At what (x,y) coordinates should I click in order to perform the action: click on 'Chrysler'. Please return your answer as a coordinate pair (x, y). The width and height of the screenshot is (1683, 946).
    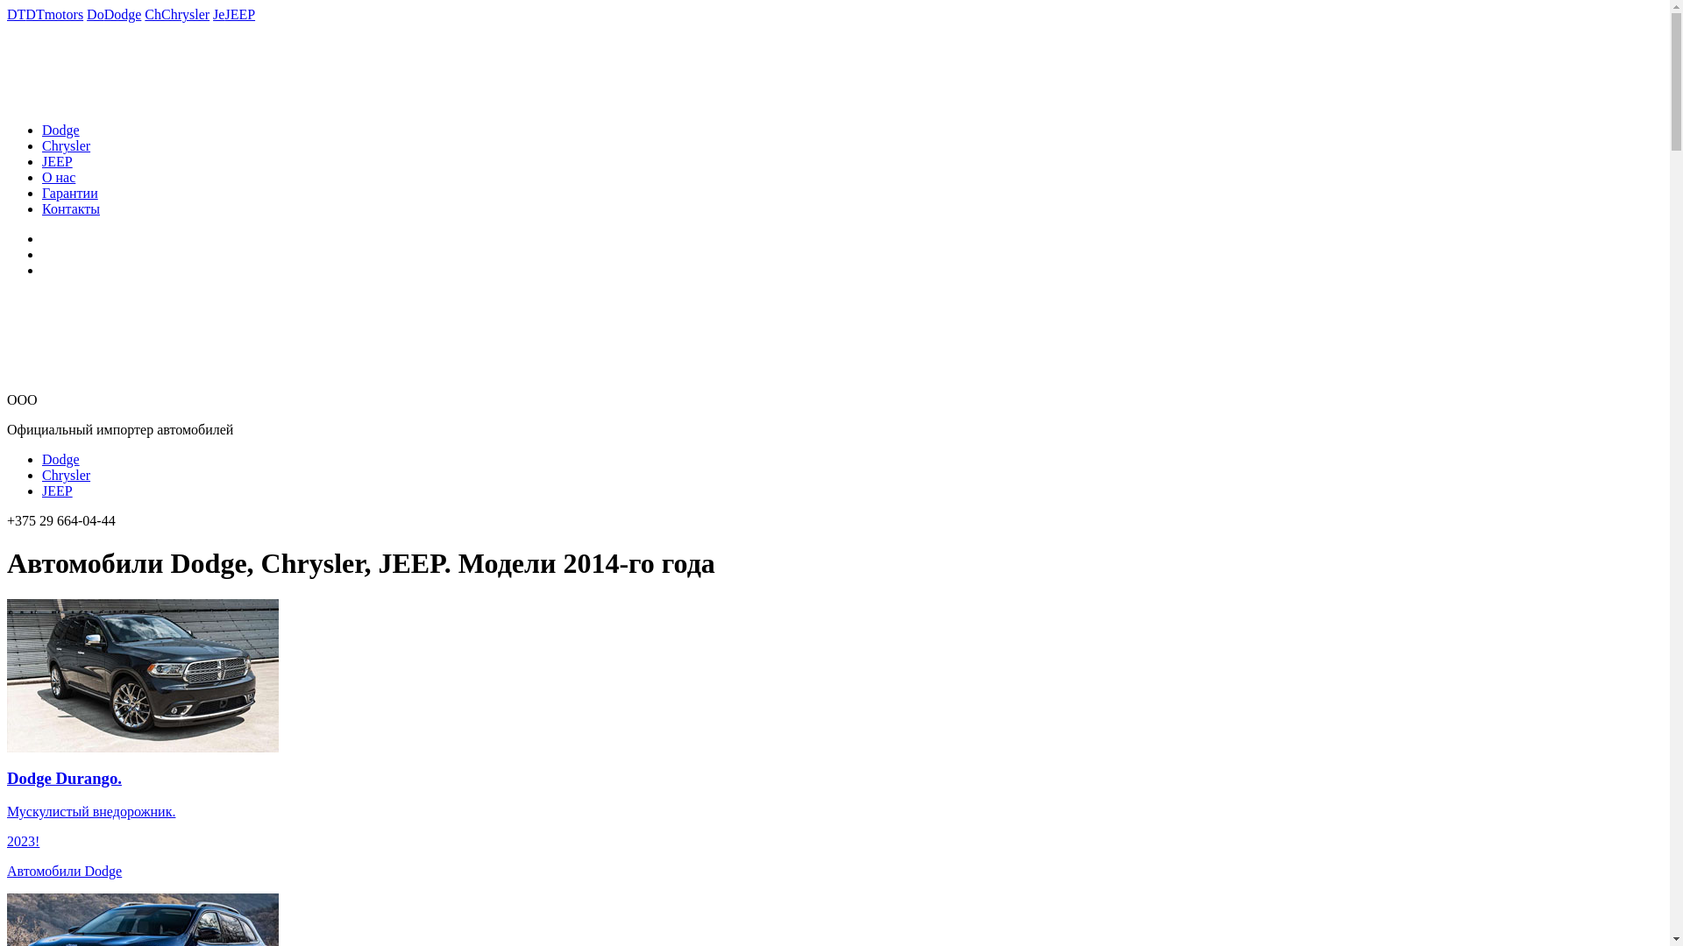
    Looking at the image, I should click on (66, 475).